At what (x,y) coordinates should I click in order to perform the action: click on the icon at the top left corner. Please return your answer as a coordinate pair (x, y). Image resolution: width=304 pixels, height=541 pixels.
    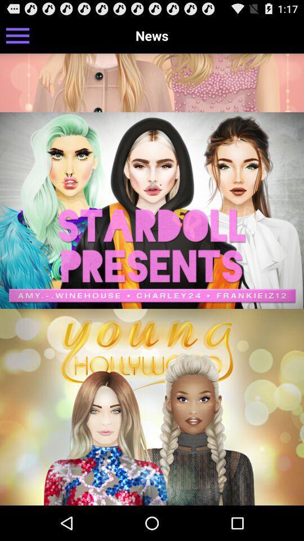
    Looking at the image, I should click on (17, 35).